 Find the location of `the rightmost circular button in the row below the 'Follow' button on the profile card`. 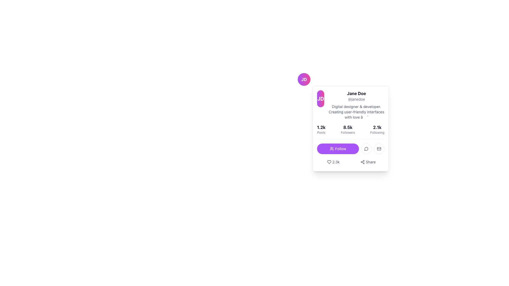

the rightmost circular button in the row below the 'Follow' button on the profile card is located at coordinates (379, 149).